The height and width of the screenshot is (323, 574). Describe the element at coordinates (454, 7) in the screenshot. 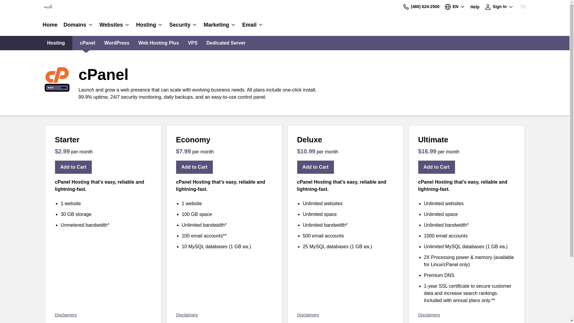

I see `'EN'` at that location.